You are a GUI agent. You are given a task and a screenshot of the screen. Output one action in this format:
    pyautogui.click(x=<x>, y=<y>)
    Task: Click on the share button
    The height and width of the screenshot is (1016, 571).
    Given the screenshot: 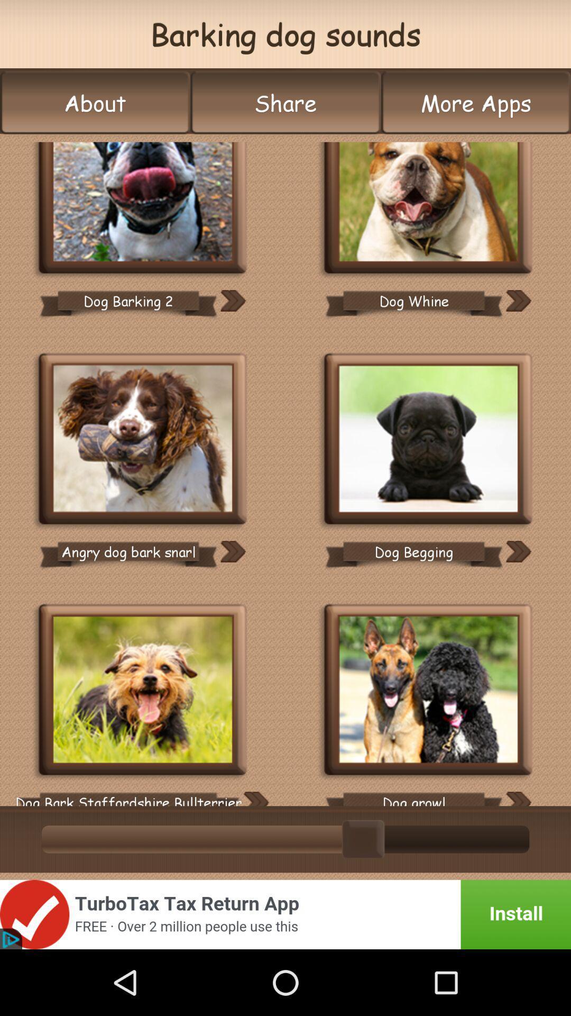 What is the action you would take?
    pyautogui.click(x=285, y=103)
    